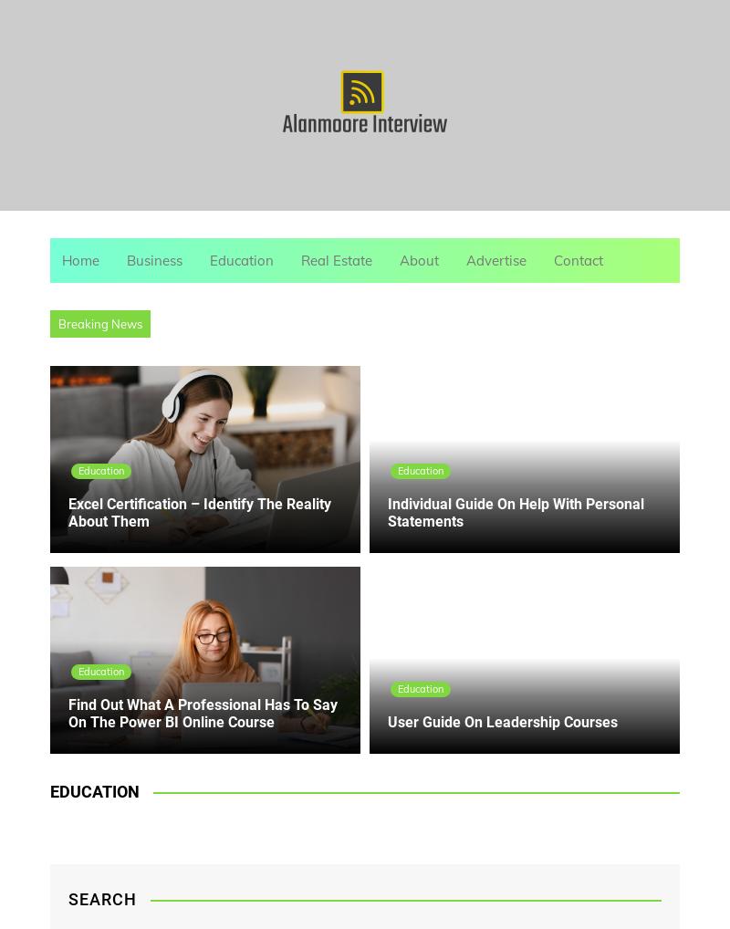 The image size is (730, 929). I want to click on 'Breaking News', so click(99, 322).